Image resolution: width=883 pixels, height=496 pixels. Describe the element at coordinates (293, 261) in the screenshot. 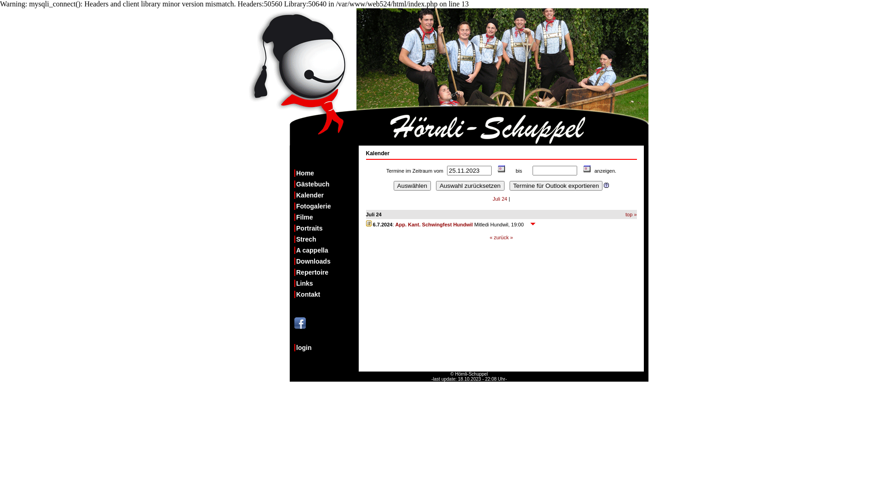

I see `'Downloads'` at that location.